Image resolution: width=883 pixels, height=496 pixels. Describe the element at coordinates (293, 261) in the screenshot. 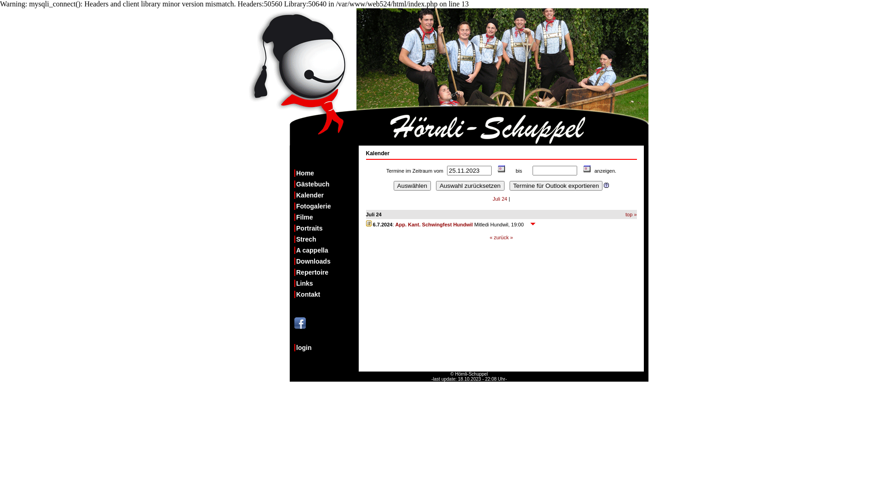

I see `'Downloads'` at that location.